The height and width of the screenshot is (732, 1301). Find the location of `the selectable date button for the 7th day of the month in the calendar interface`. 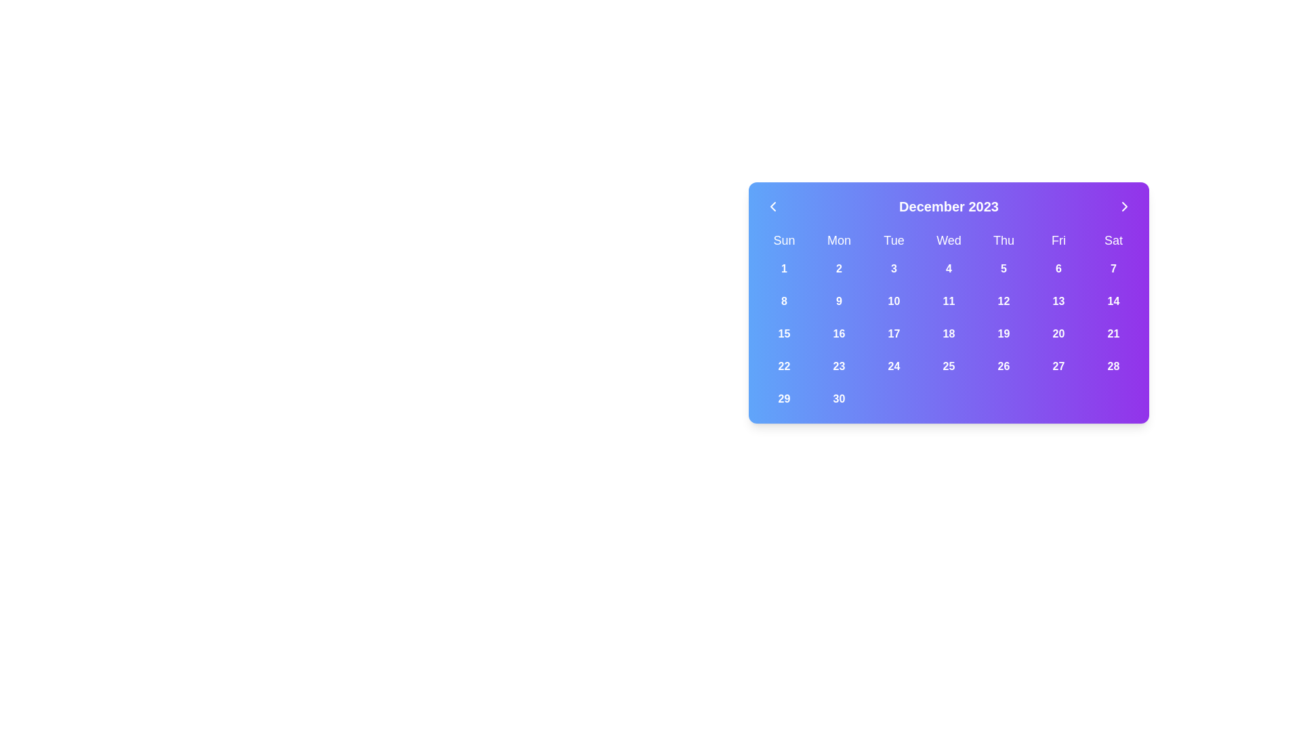

the selectable date button for the 7th day of the month in the calendar interface is located at coordinates (1113, 269).